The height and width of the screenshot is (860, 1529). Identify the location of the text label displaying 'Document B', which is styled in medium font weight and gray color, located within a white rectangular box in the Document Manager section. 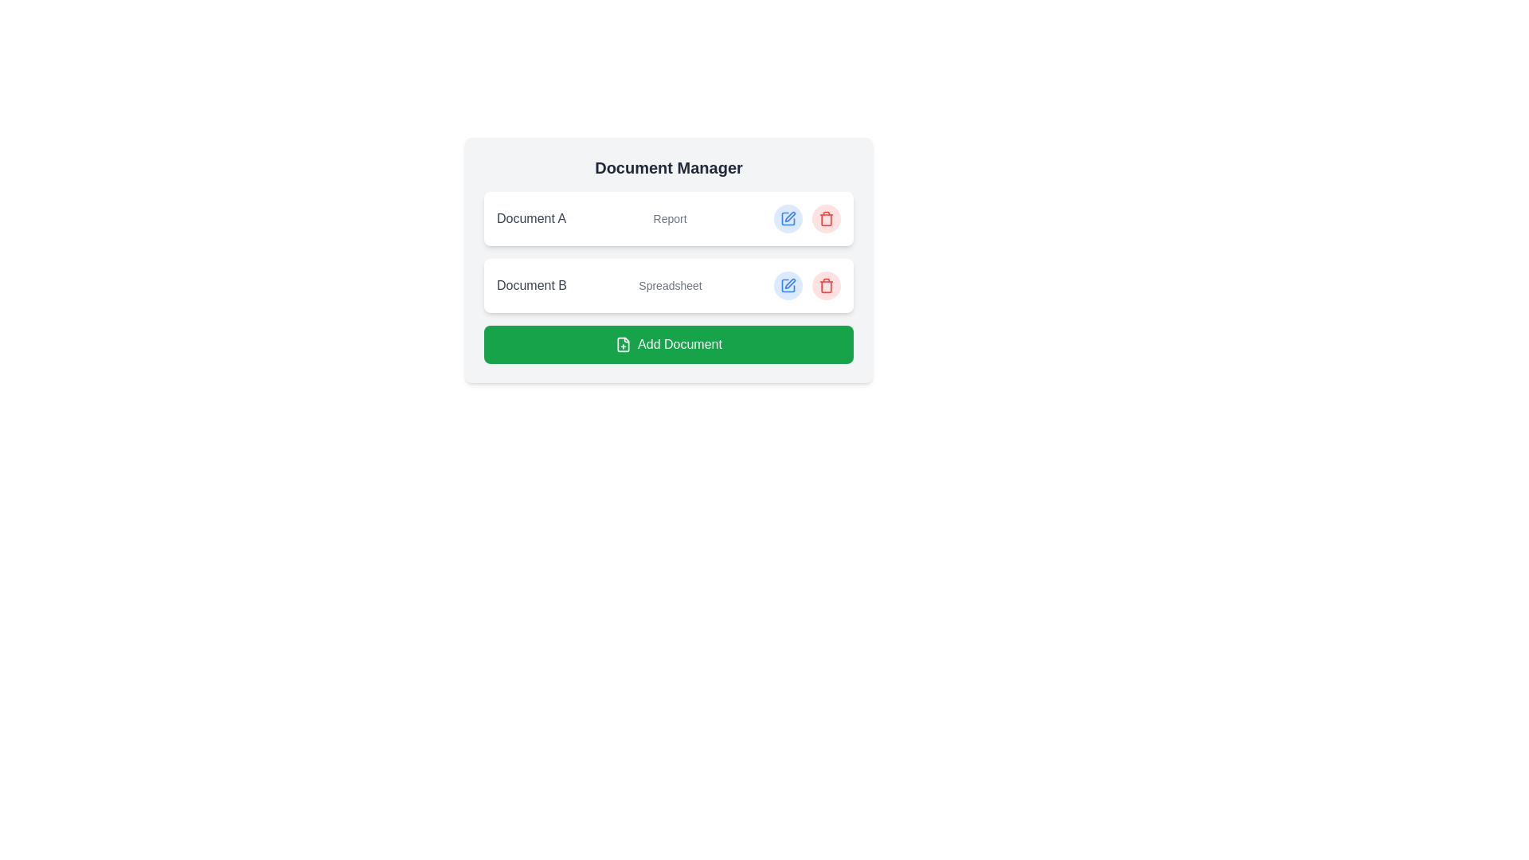
(531, 284).